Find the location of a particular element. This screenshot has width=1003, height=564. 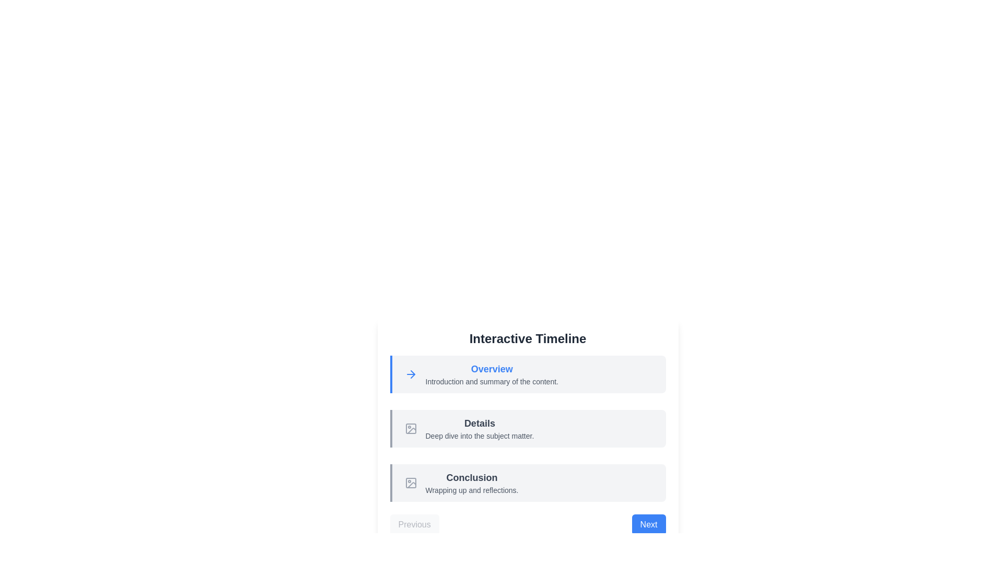

the Next button to navigate the timeline is located at coordinates (648, 525).